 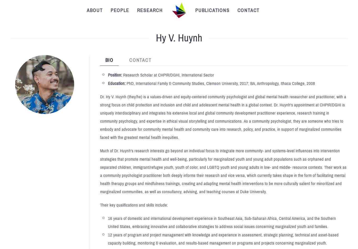 I want to click on 'Their key qualifications and skills include:', so click(x=99, y=205).